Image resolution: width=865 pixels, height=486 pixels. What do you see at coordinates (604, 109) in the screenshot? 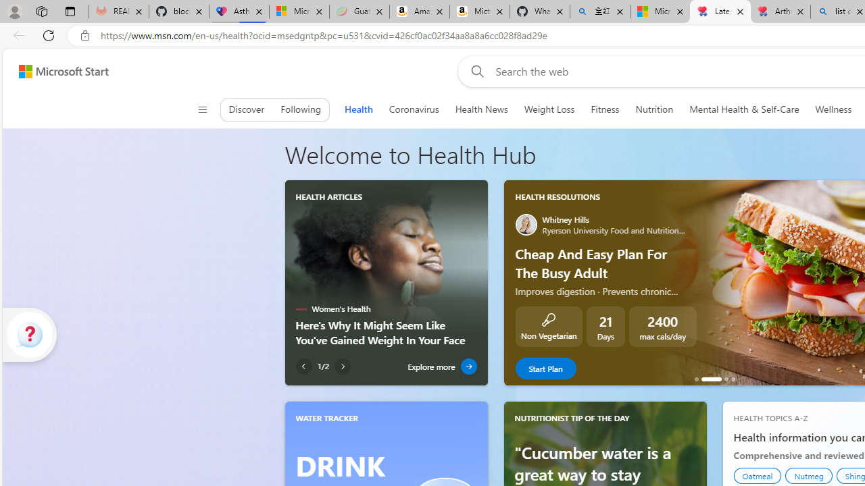
I see `'Fitness'` at bounding box center [604, 109].